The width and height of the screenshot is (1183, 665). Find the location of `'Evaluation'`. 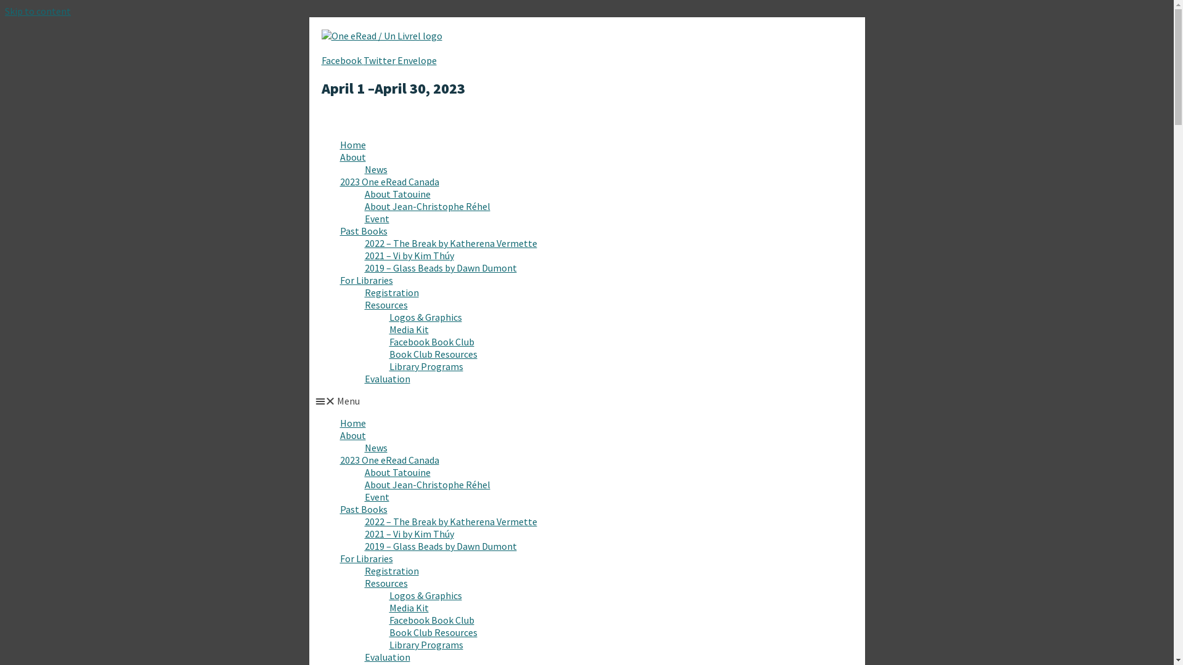

'Evaluation' is located at coordinates (386, 377).